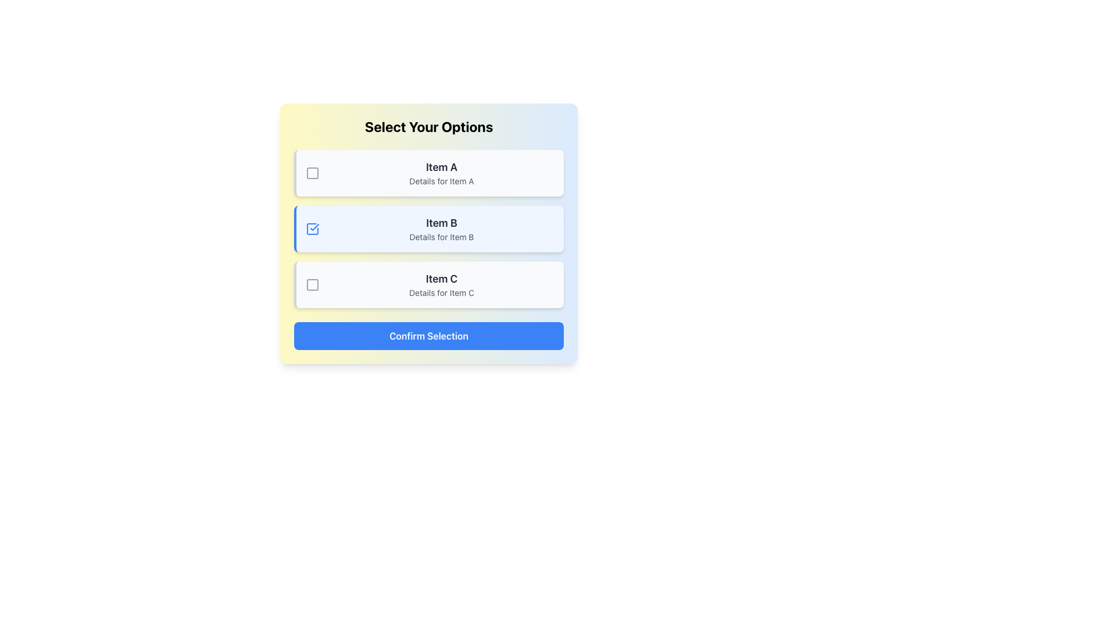  I want to click on the Text Label that introduces or explains the purpose of the section below it, which is positioned horizontally centered above a list of selectable items, so click(428, 127).